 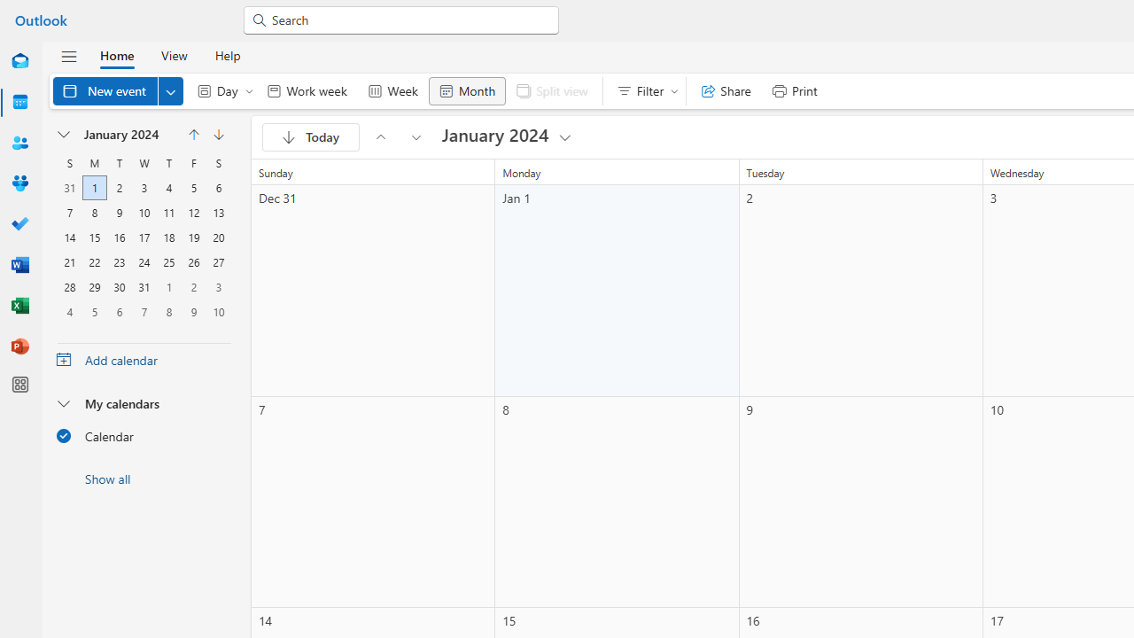 I want to click on '19, January, 2024', so click(x=193, y=237).